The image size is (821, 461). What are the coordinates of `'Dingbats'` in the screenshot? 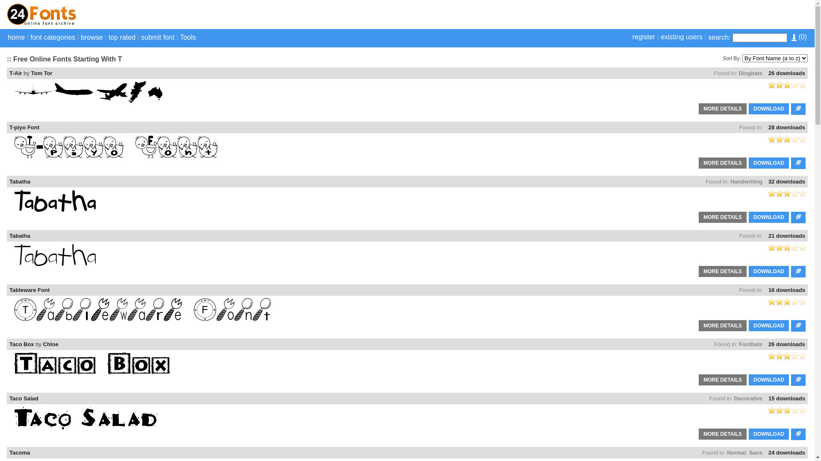 It's located at (750, 73).